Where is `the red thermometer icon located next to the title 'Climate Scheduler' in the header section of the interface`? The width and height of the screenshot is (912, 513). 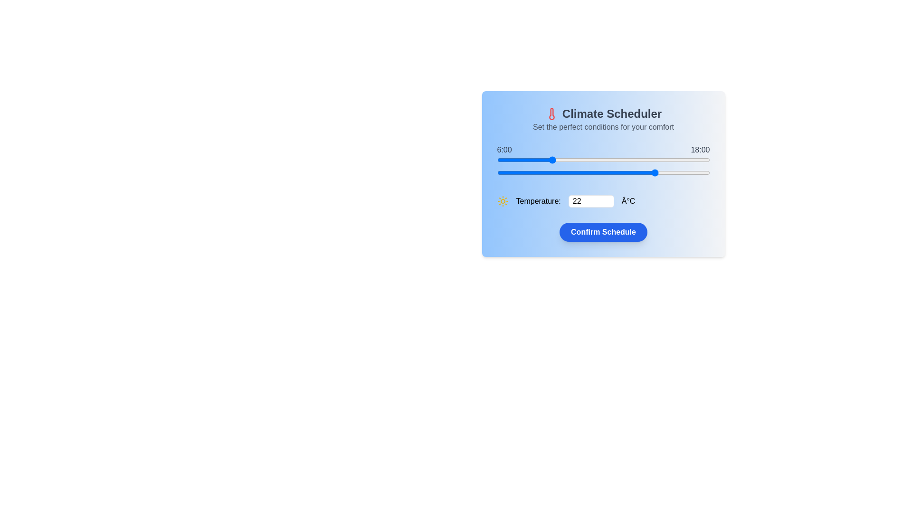 the red thermometer icon located next to the title 'Climate Scheduler' in the header section of the interface is located at coordinates (551, 113).